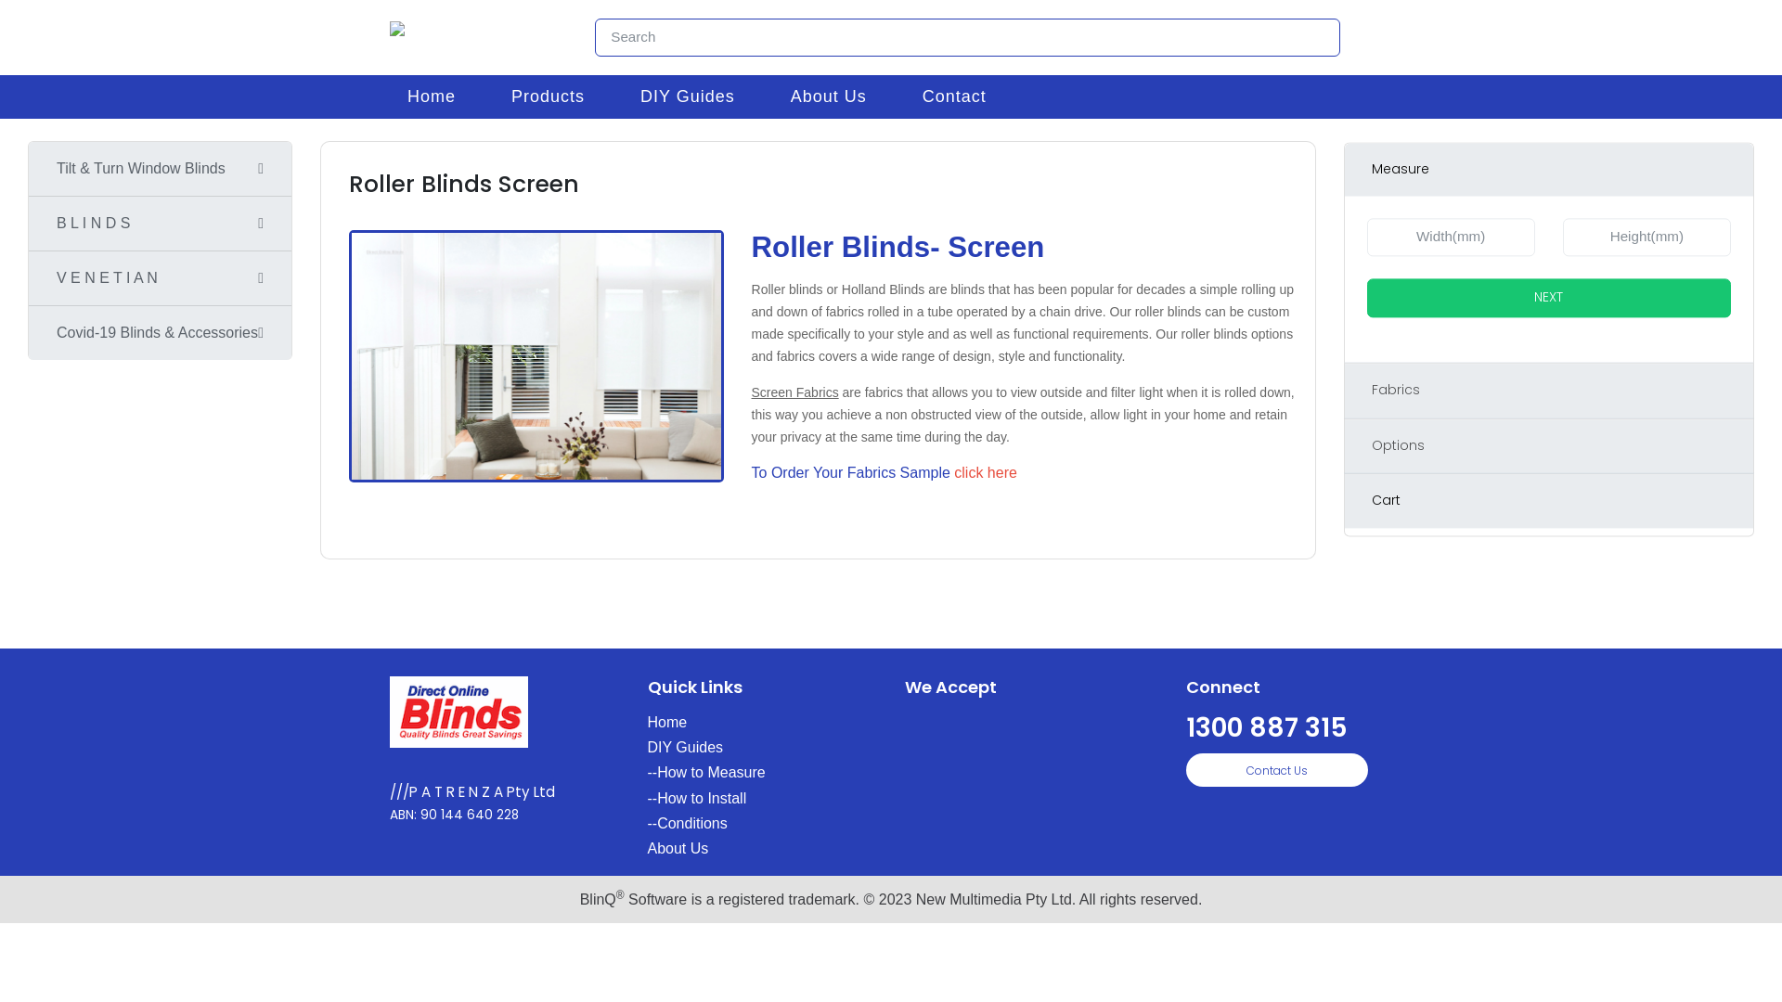  I want to click on 'Contact Us', so click(1276, 769).